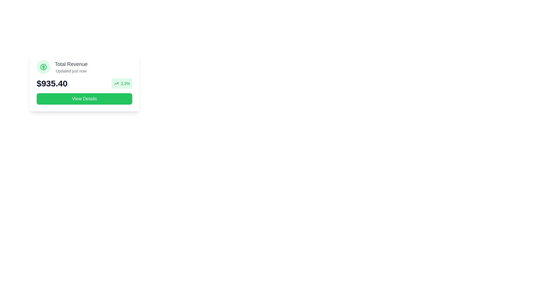 The image size is (546, 307). What do you see at coordinates (43, 67) in the screenshot?
I see `the SVG Circle element that visually indicates 'Revenue' or 'Finance', located near the 'Total Revenue' label` at bounding box center [43, 67].